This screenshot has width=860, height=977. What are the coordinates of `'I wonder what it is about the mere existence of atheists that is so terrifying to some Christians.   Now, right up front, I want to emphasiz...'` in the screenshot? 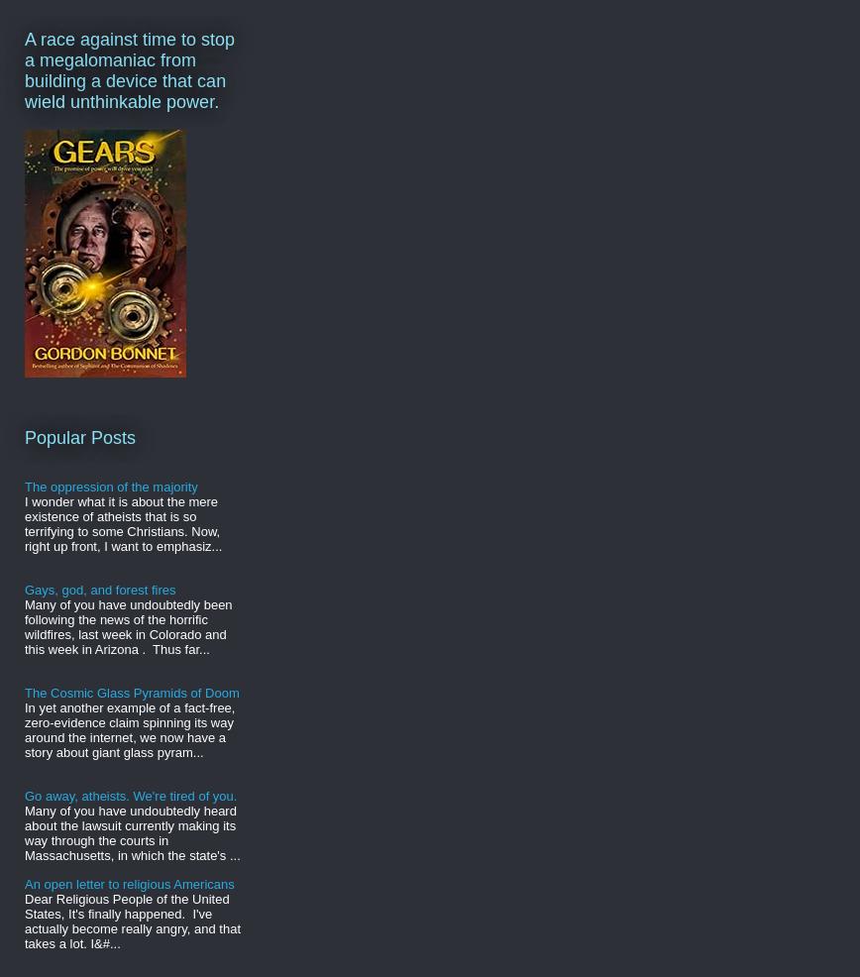 It's located at (123, 522).